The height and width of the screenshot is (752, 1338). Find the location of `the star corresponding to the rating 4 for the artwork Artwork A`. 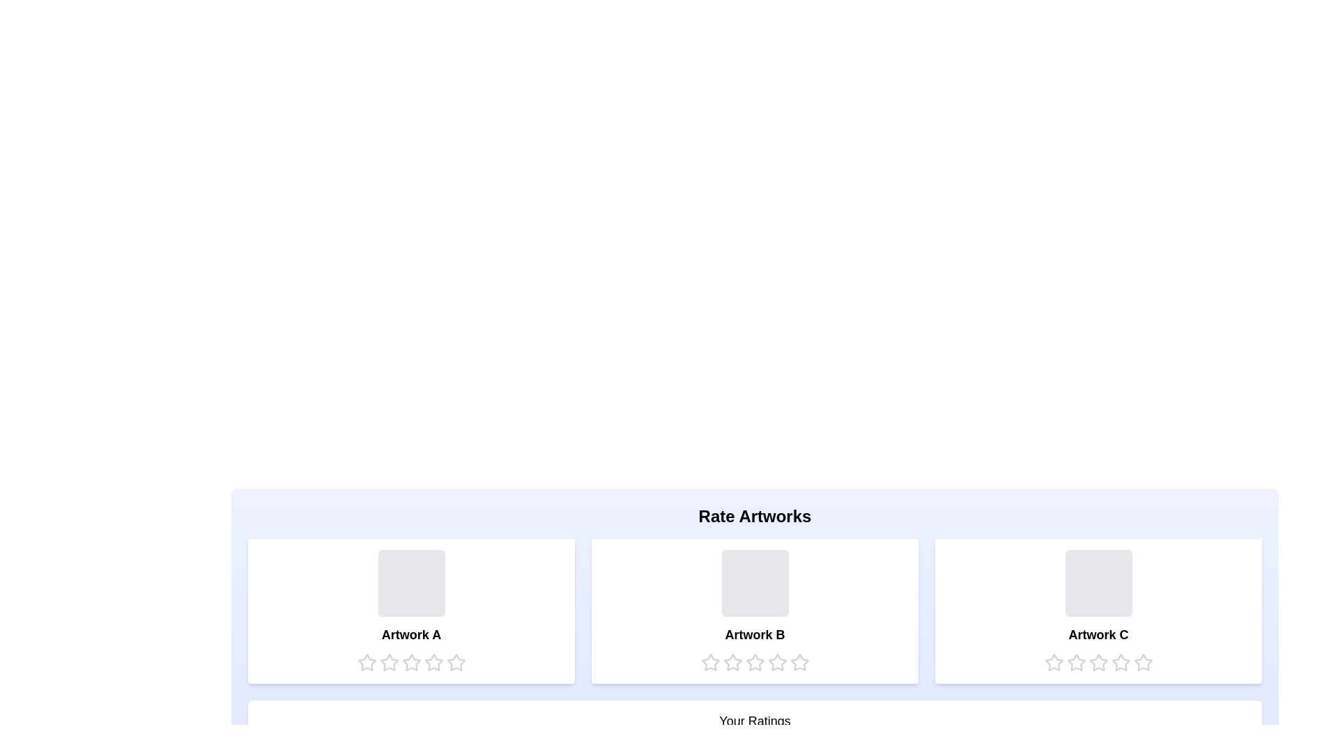

the star corresponding to the rating 4 for the artwork Artwork A is located at coordinates (433, 662).